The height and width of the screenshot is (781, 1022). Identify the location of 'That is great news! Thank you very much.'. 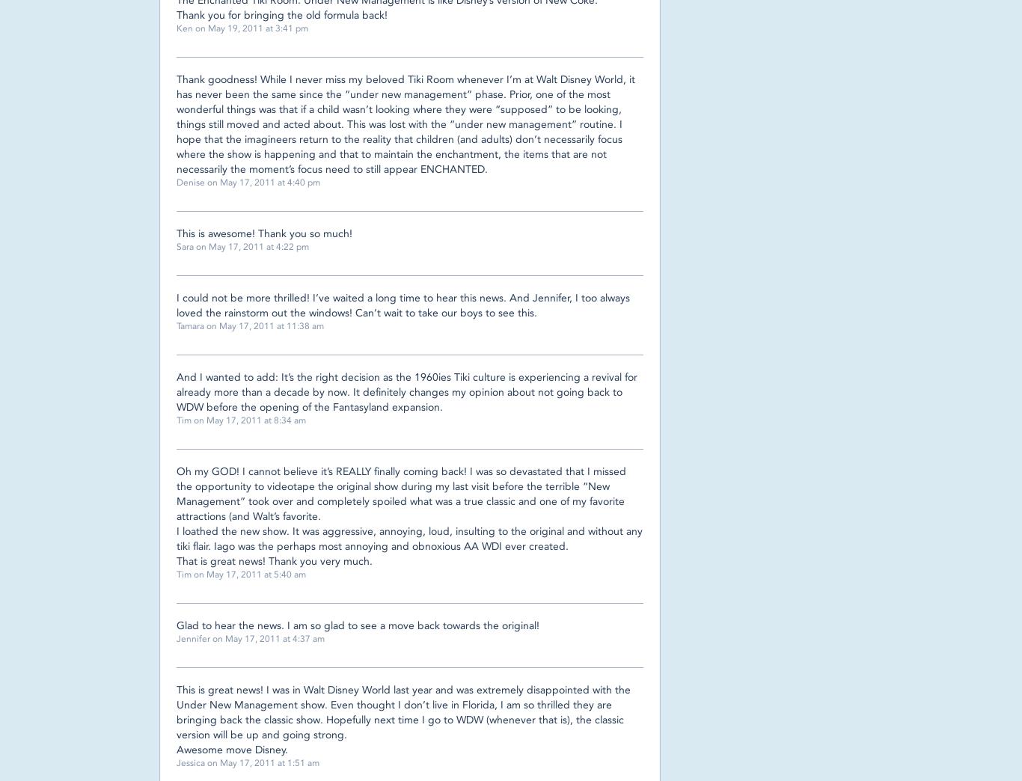
(274, 561).